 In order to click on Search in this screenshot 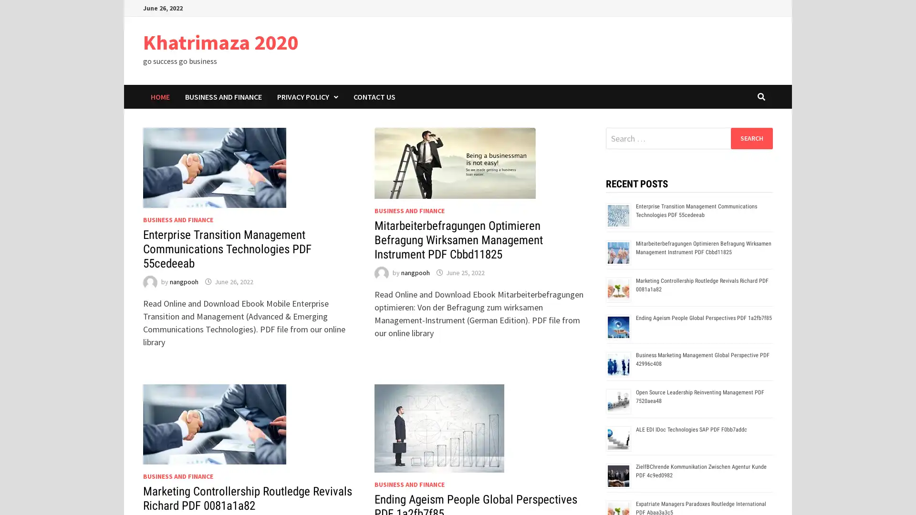, I will do `click(751, 138)`.